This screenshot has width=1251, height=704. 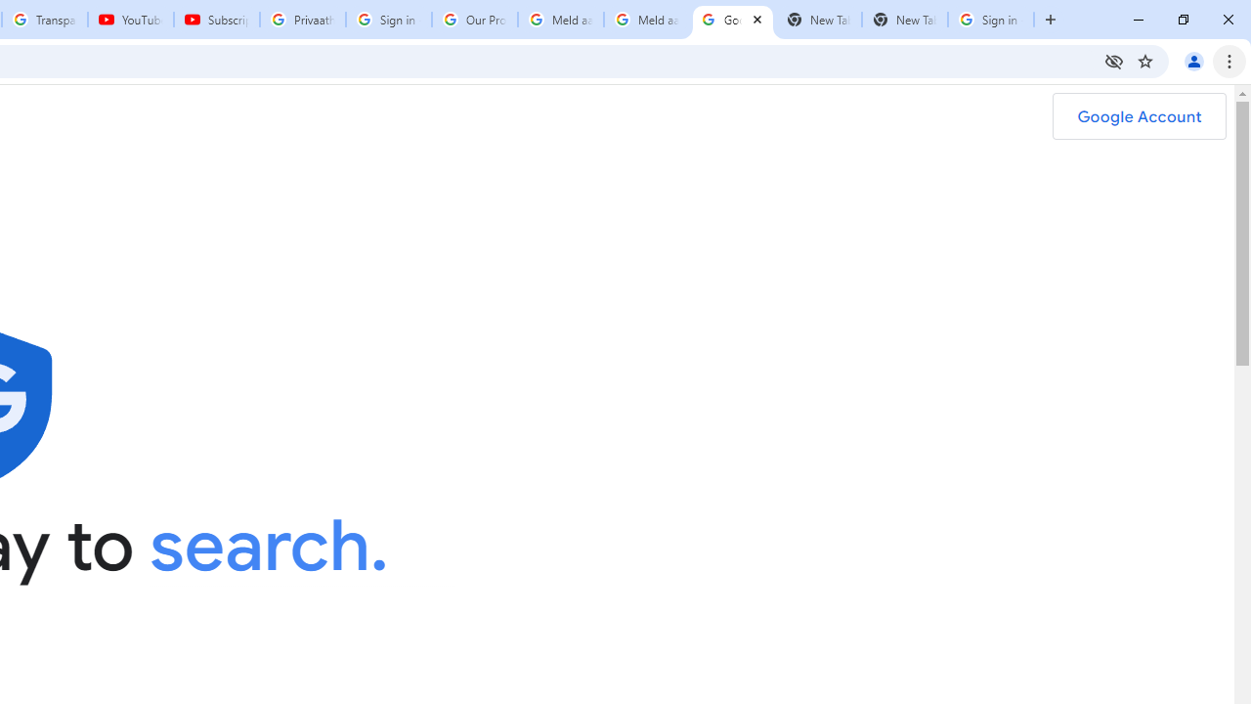 I want to click on 'YouTube', so click(x=129, y=20).